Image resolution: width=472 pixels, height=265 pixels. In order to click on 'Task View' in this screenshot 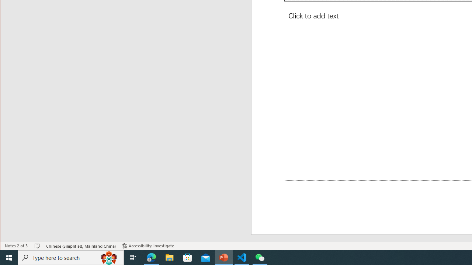, I will do `click(132, 257)`.